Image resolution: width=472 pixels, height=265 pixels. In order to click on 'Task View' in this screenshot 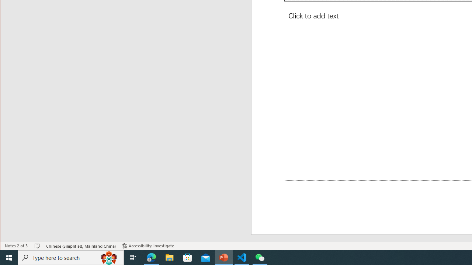, I will do `click(132, 257)`.